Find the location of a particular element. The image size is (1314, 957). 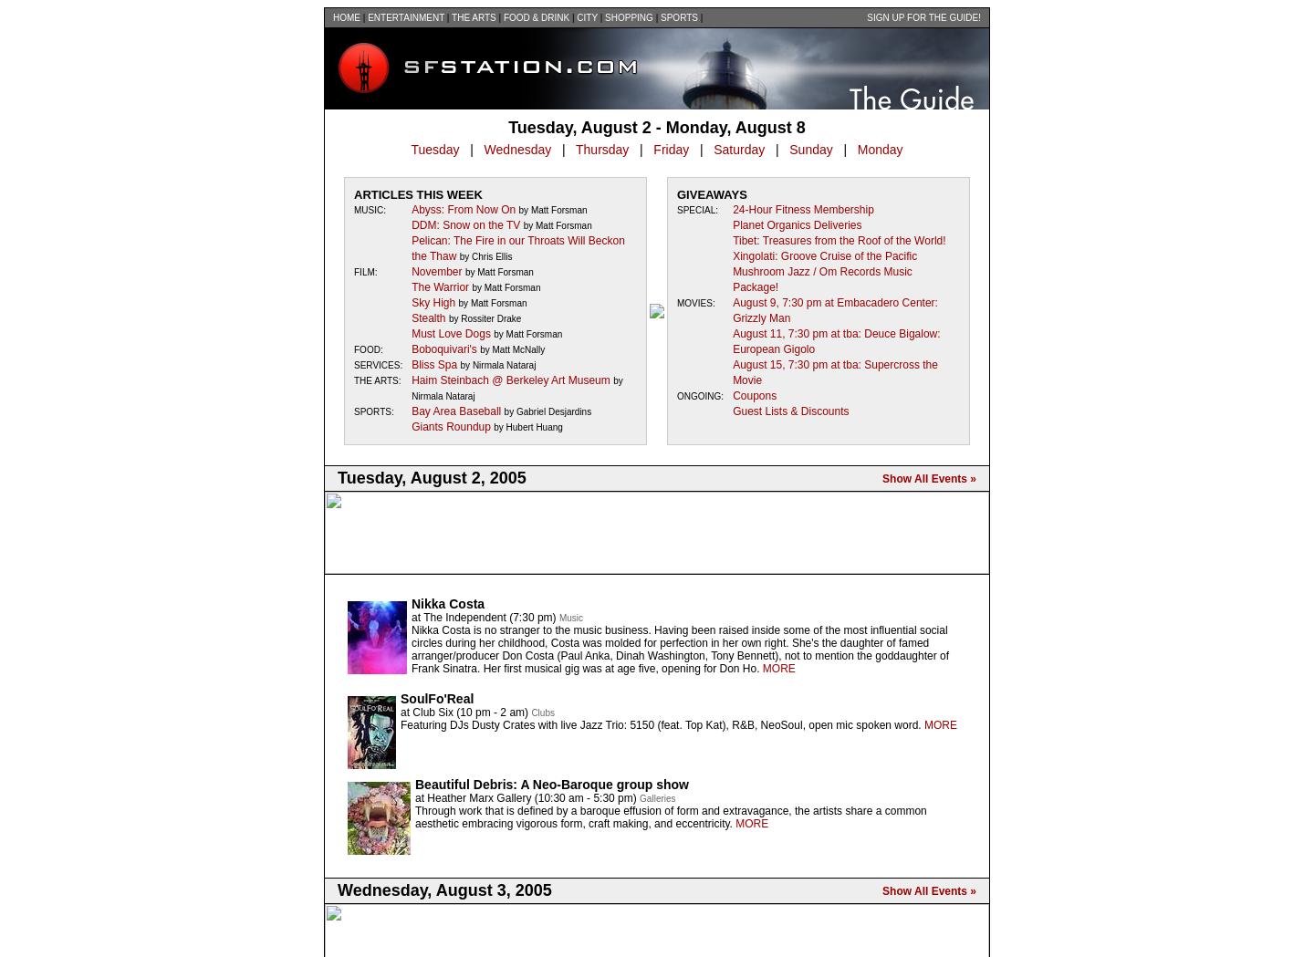

'Pelican: The Fire in our Throats Will Beckon the Thaw' is located at coordinates (517, 247).